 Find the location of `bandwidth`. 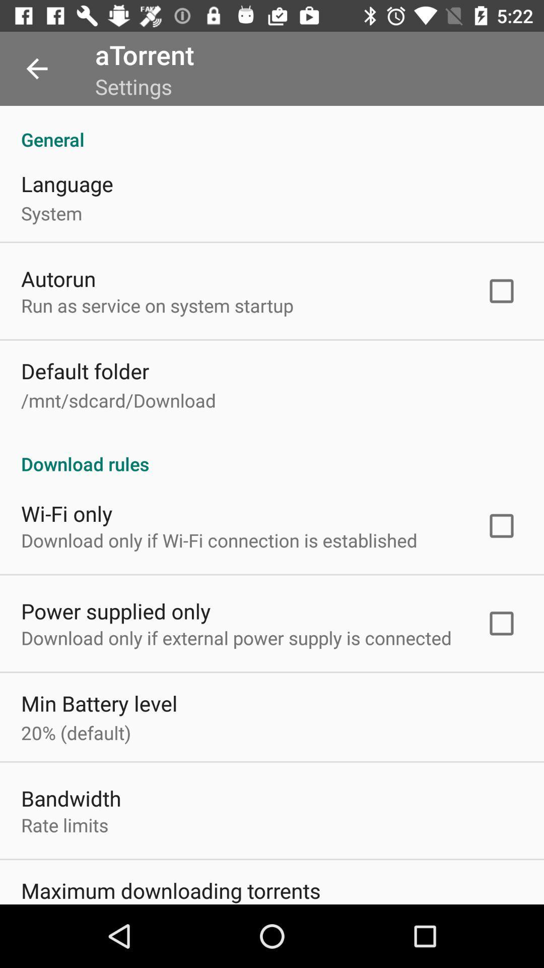

bandwidth is located at coordinates (71, 798).